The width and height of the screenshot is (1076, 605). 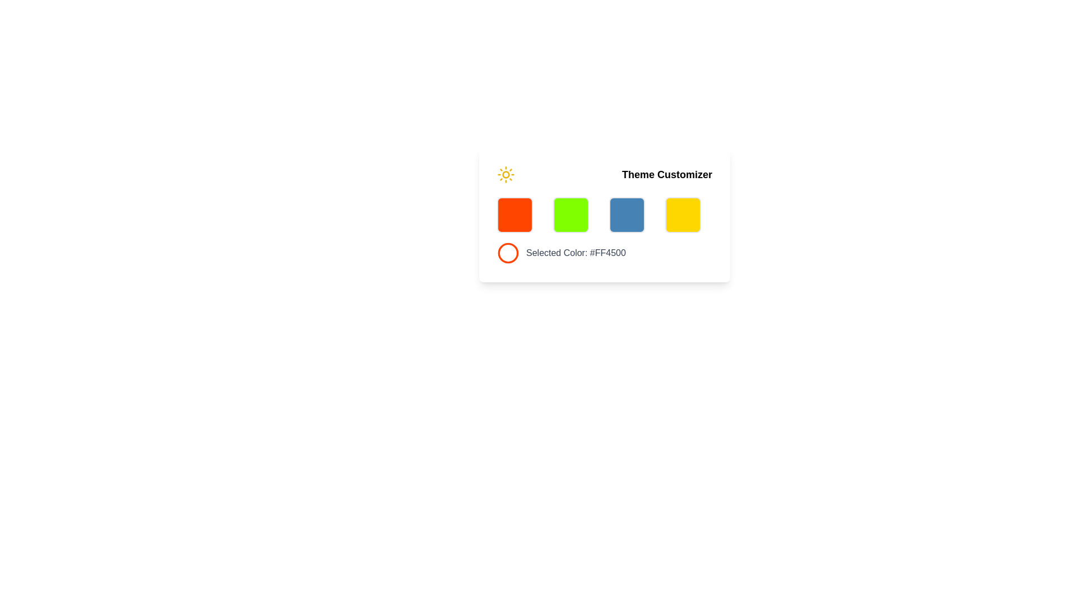 I want to click on the third square from the left in a row of four colored squares to trigger a visual response, so click(x=626, y=215).